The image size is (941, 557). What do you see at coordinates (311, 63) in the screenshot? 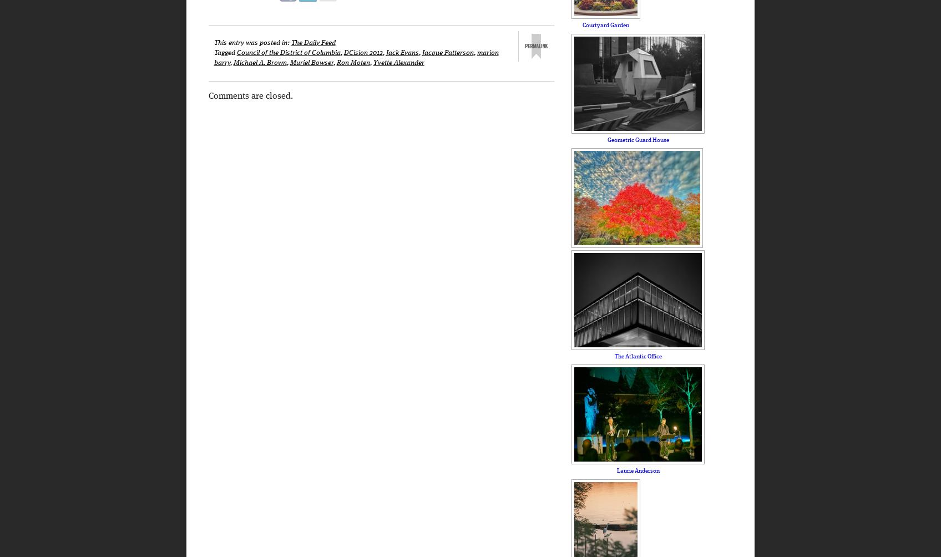
I see `'Muriel Bowser'` at bounding box center [311, 63].